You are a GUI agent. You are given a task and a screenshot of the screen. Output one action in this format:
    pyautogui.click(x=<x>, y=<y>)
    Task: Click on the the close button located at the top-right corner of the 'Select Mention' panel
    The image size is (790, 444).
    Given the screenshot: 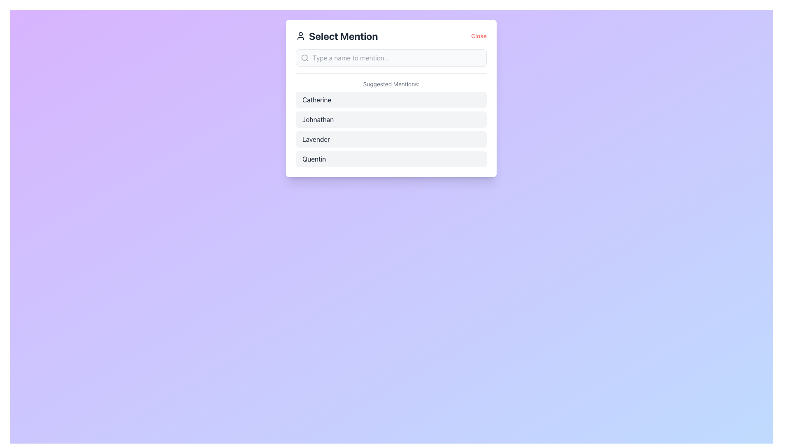 What is the action you would take?
    pyautogui.click(x=479, y=36)
    